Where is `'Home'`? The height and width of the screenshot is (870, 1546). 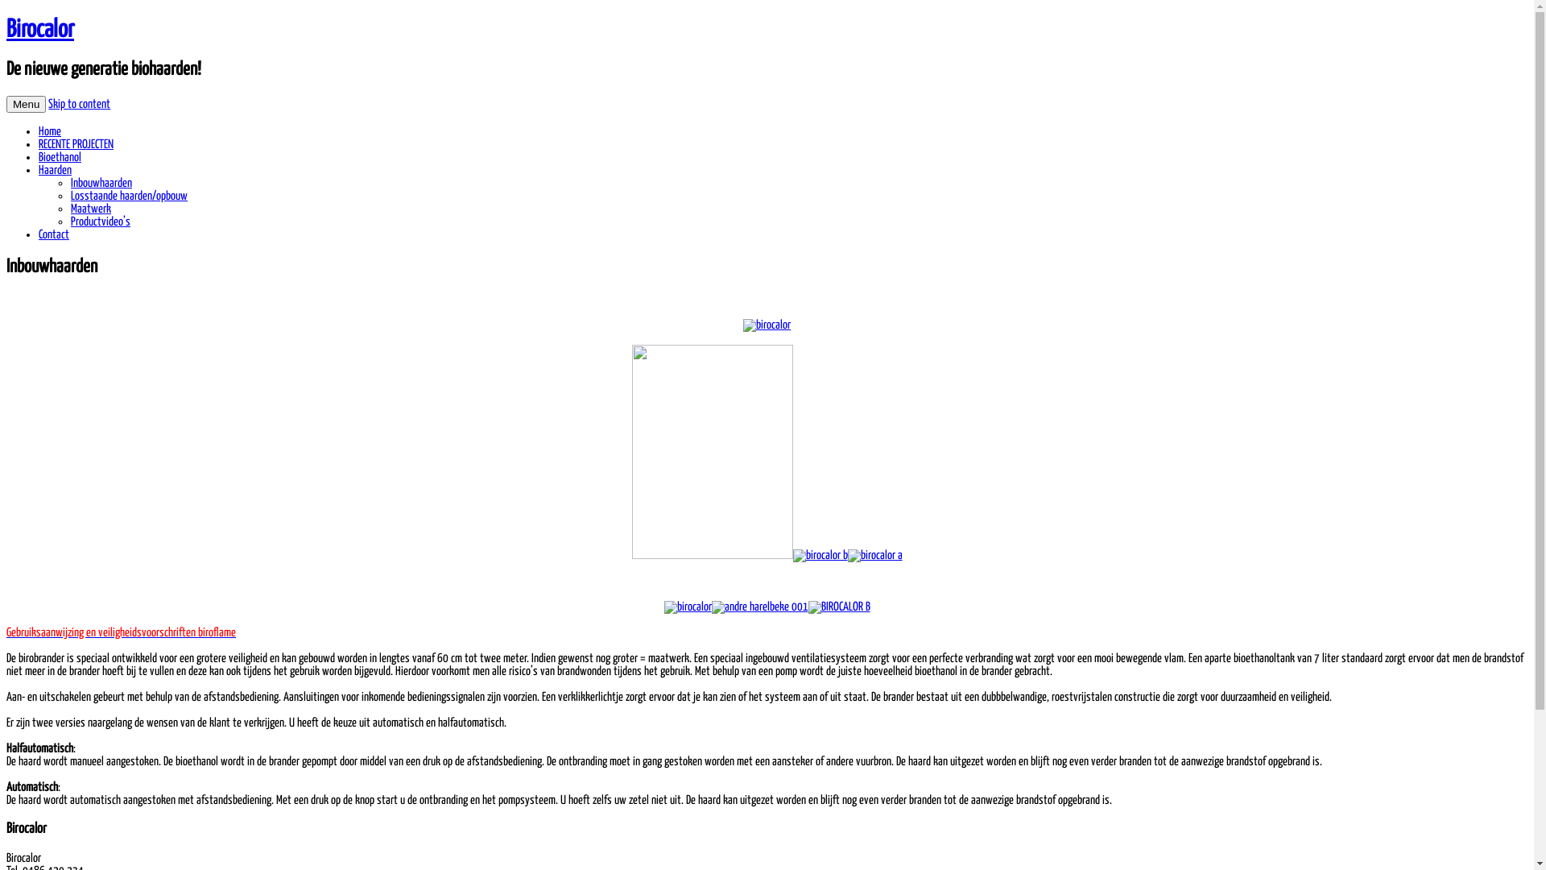
'Home' is located at coordinates (50, 130).